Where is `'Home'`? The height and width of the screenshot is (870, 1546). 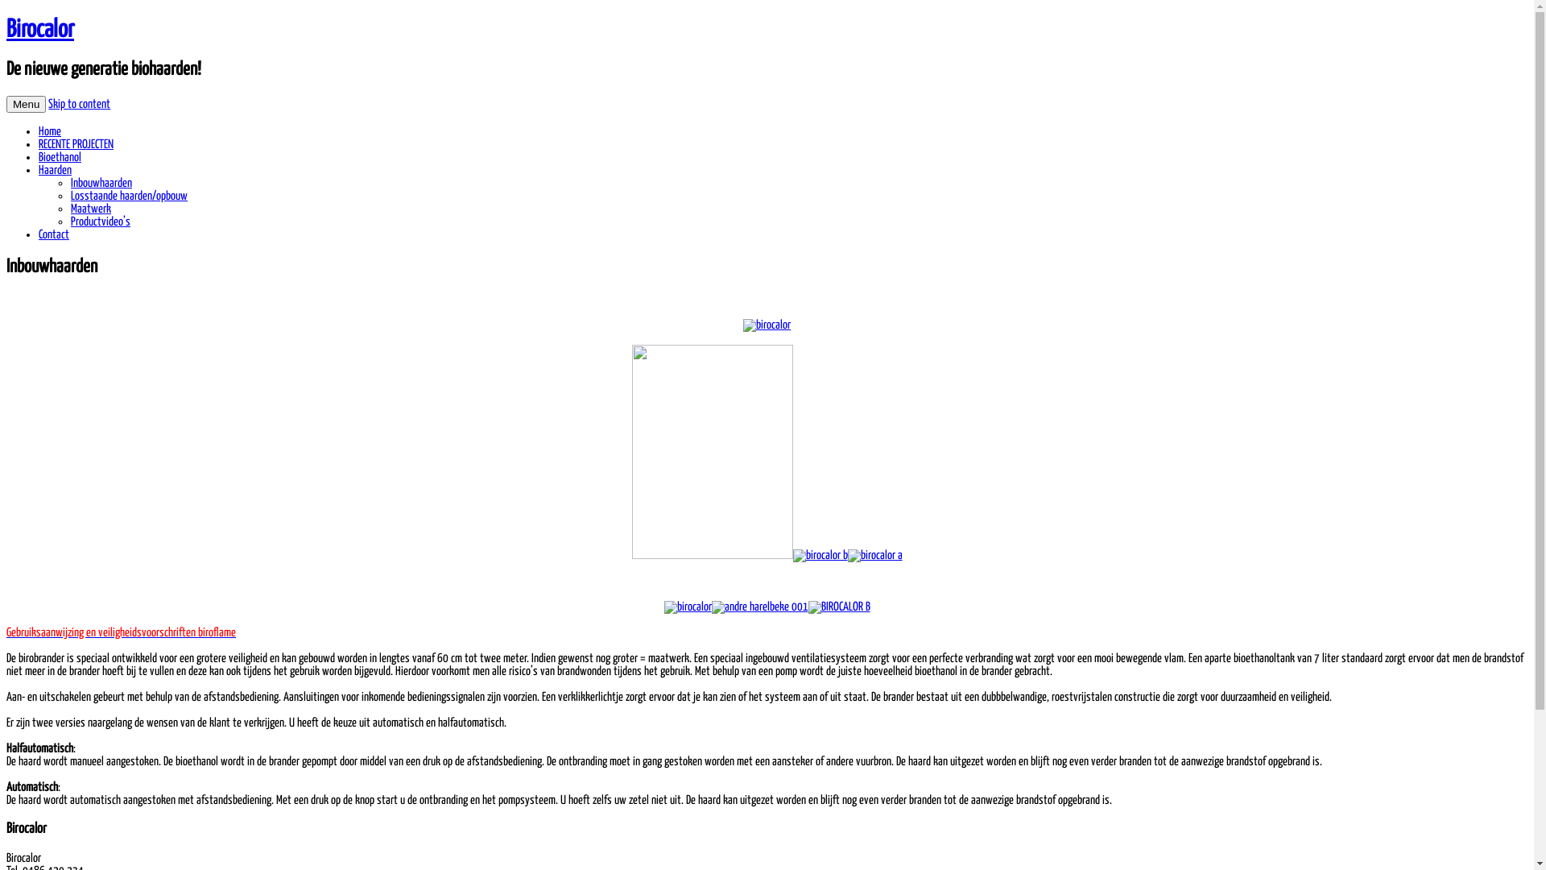
'Home' is located at coordinates (50, 130).